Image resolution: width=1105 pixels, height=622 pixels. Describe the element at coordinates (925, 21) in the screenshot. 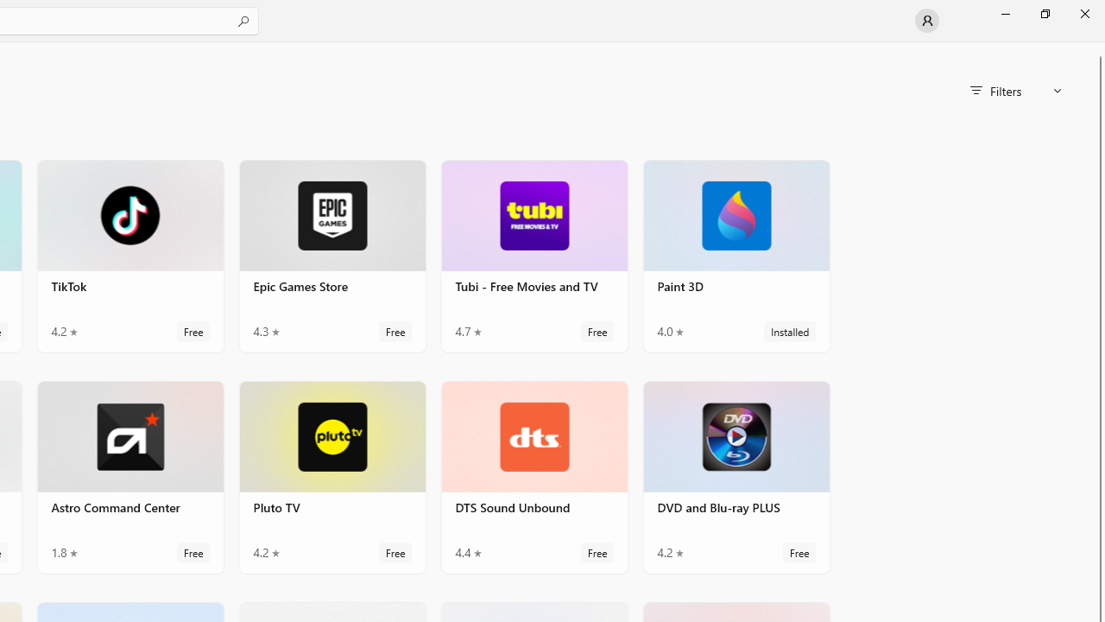

I see `'User profile'` at that location.